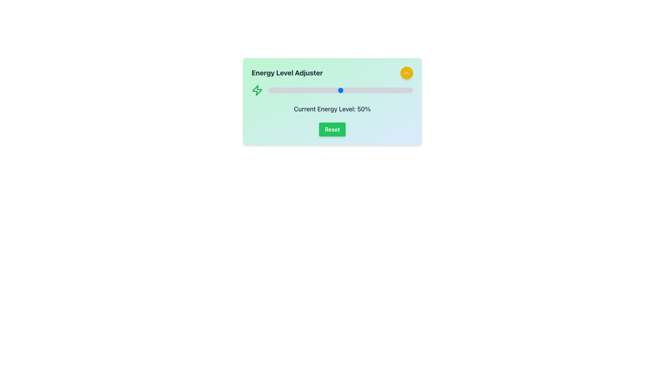 Image resolution: width=671 pixels, height=377 pixels. I want to click on energy level, so click(314, 90).